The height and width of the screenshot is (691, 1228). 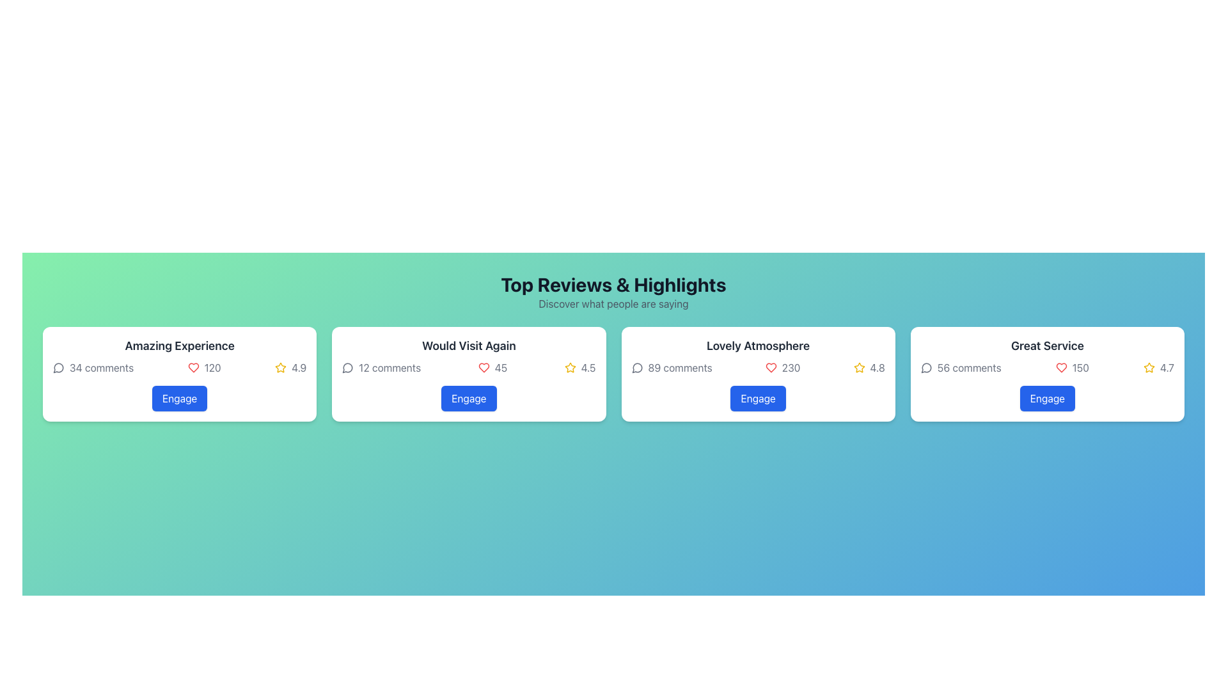 I want to click on the Label with Icon displaying '34 comments' next to a small bubble-shaped icon, styled in gray, located under the heading 'Amazing Experience', so click(x=93, y=367).